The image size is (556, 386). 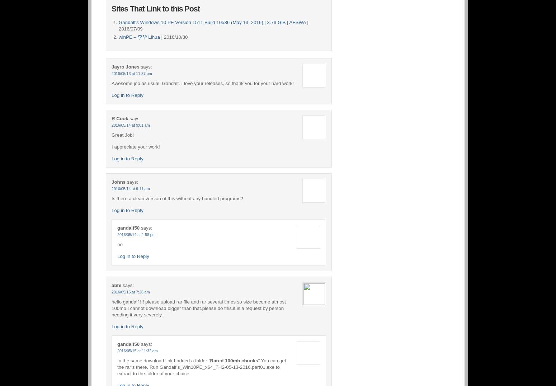 What do you see at coordinates (130, 124) in the screenshot?
I see `'2016/05/14 at 9:01 am'` at bounding box center [130, 124].